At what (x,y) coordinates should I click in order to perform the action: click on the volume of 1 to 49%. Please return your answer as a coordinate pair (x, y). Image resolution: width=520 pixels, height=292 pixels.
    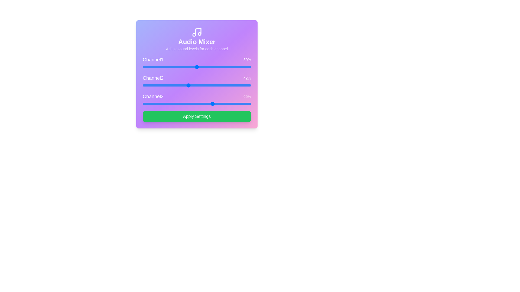
    Looking at the image, I should click on (196, 67).